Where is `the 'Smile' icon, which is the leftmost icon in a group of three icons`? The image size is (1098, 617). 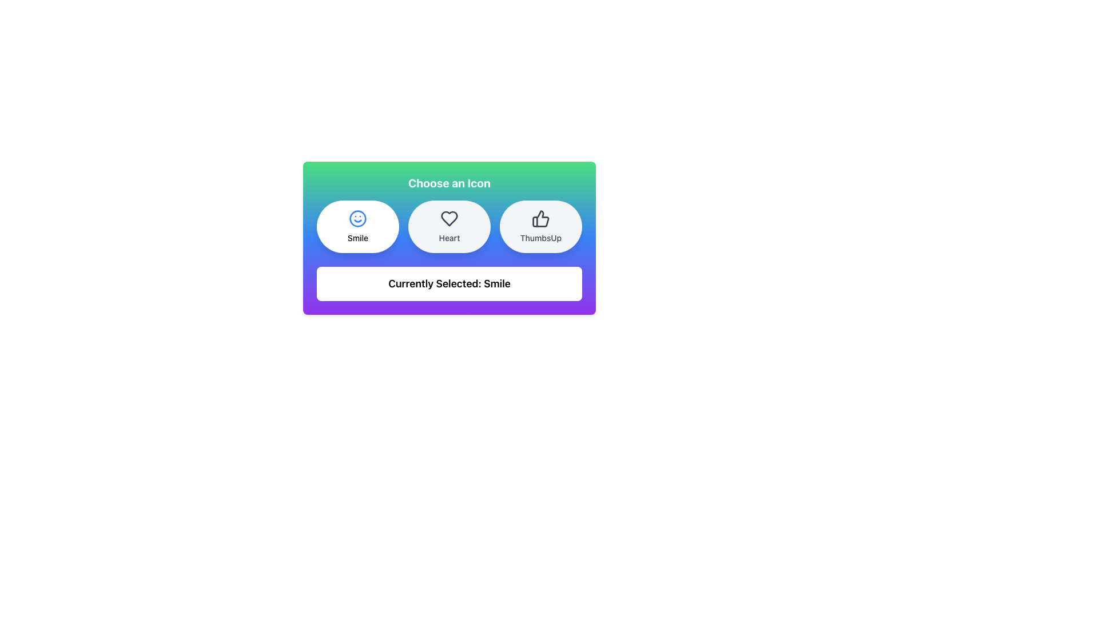
the 'Smile' icon, which is the leftmost icon in a group of three icons is located at coordinates (357, 218).